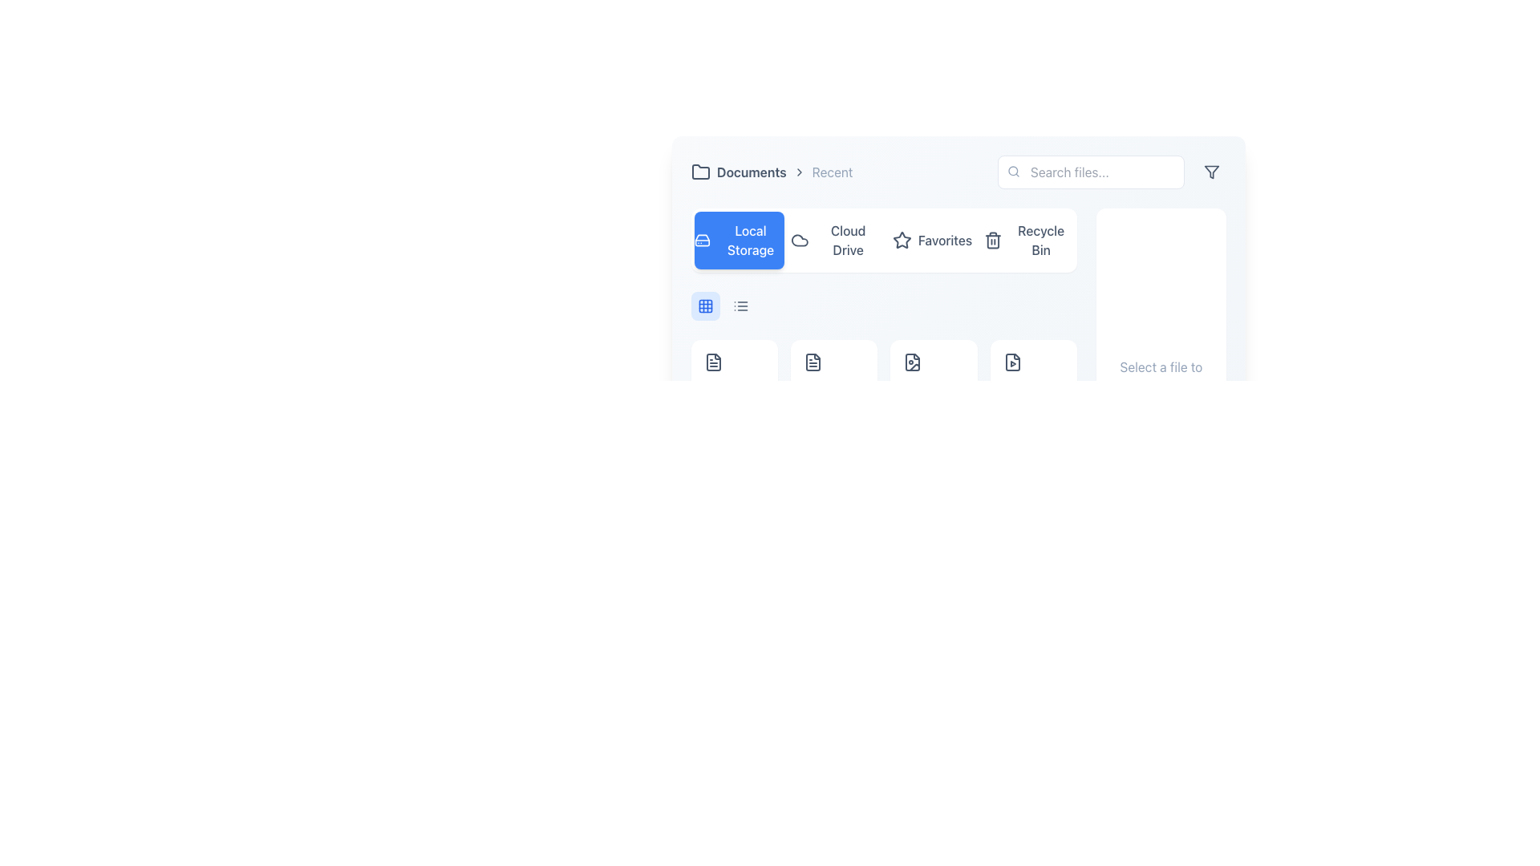 Image resolution: width=1540 pixels, height=866 pixels. What do you see at coordinates (1012, 171) in the screenshot?
I see `the circular outline of the magnifying glass icon` at bounding box center [1012, 171].